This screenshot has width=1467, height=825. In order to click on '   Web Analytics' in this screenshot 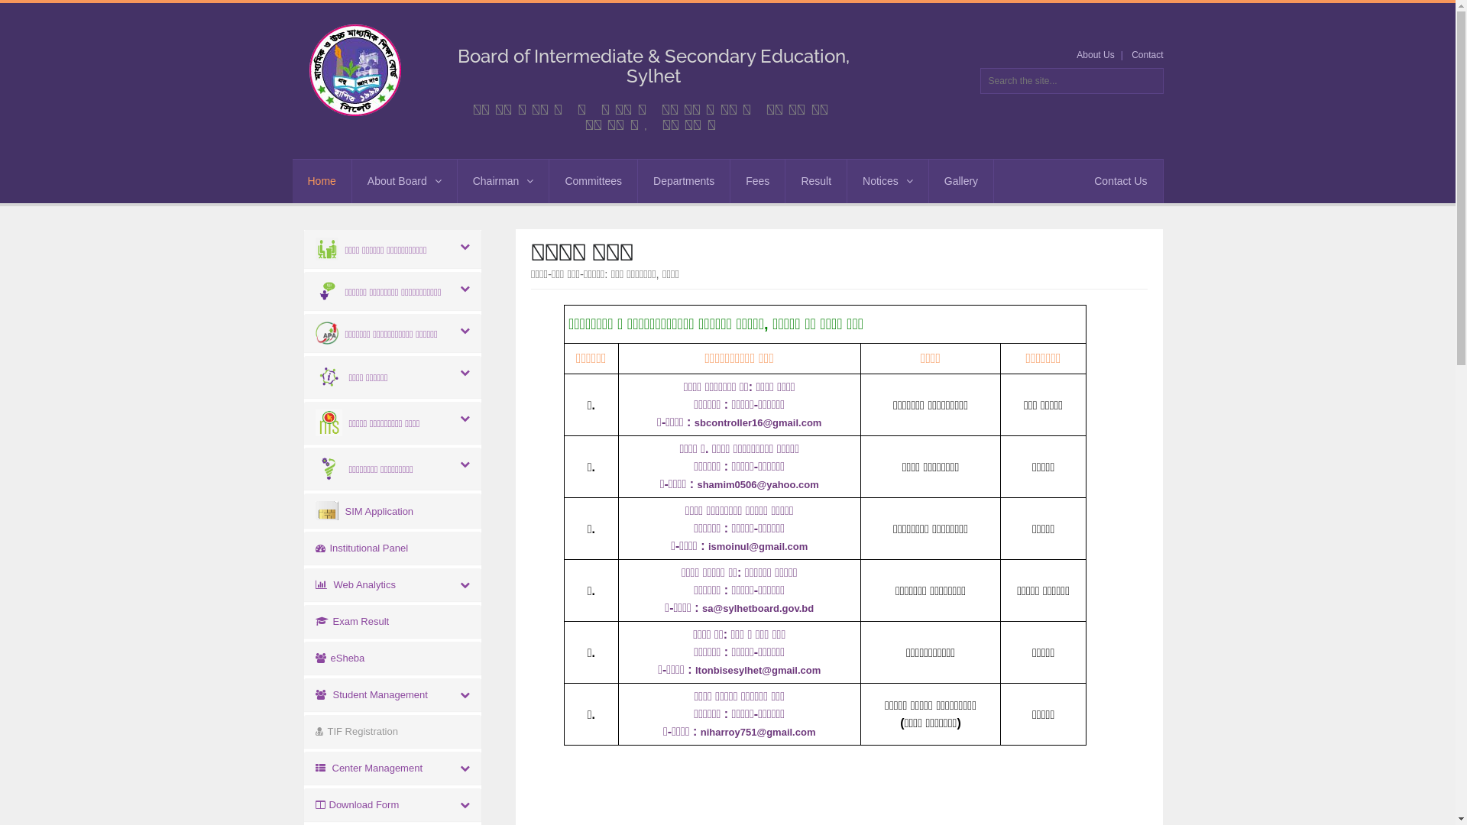, I will do `click(354, 584)`.